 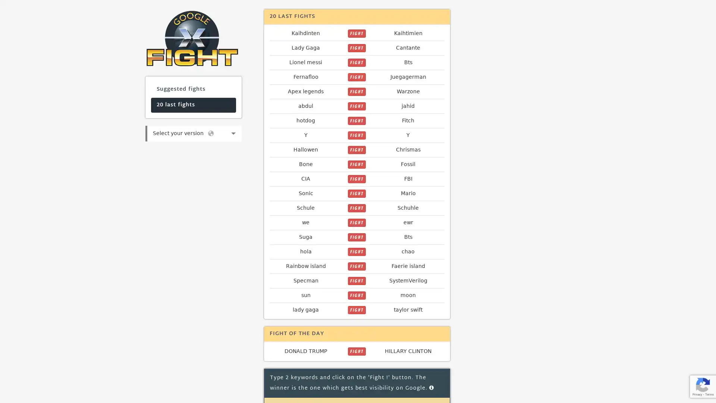 What do you see at coordinates (356, 295) in the screenshot?
I see `FIGHT` at bounding box center [356, 295].